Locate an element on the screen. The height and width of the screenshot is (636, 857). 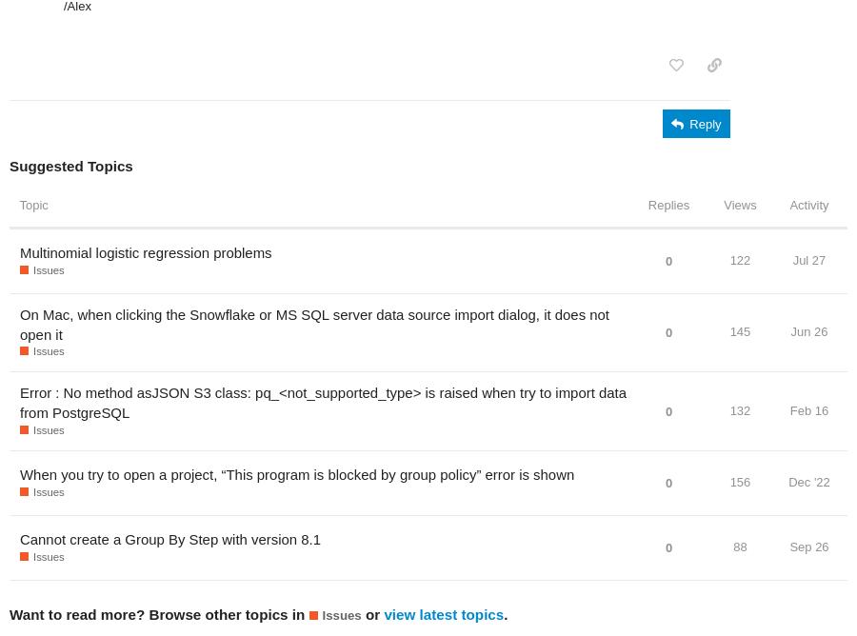
'On Mac, when clicking the Snowflake or MS SQL server data source import dialog, it does not open it' is located at coordinates (18, 324).